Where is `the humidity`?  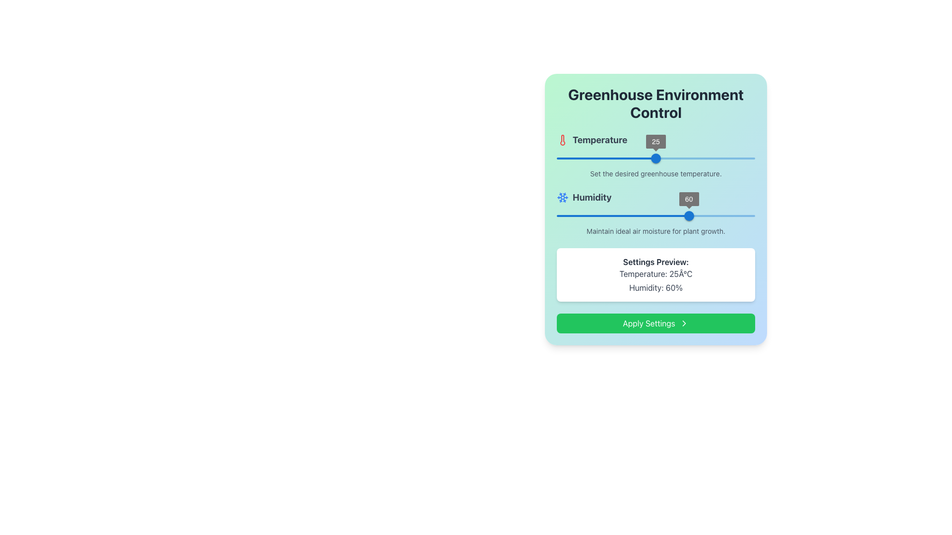
the humidity is located at coordinates (618, 215).